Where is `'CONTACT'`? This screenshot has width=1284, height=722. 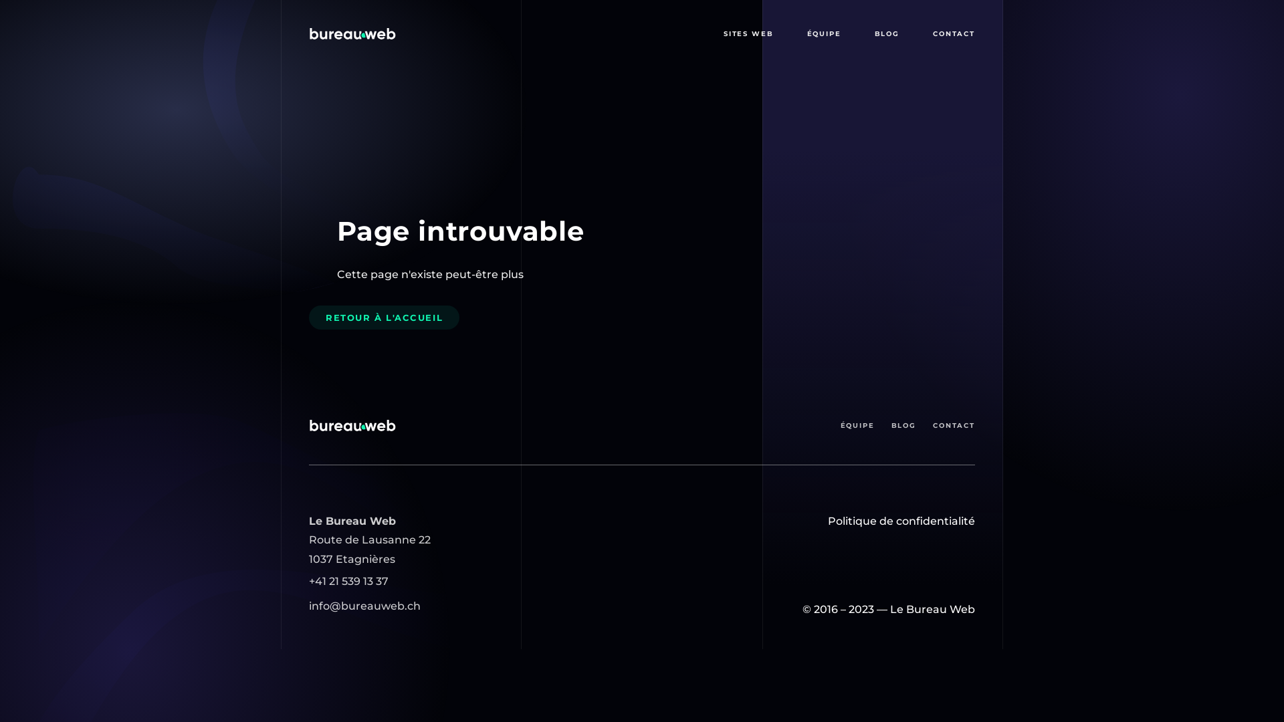
'CONTACT' is located at coordinates (932, 33).